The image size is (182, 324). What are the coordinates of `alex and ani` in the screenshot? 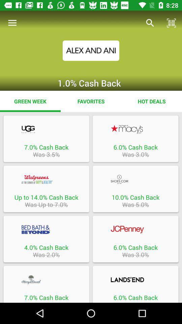 It's located at (91, 50).